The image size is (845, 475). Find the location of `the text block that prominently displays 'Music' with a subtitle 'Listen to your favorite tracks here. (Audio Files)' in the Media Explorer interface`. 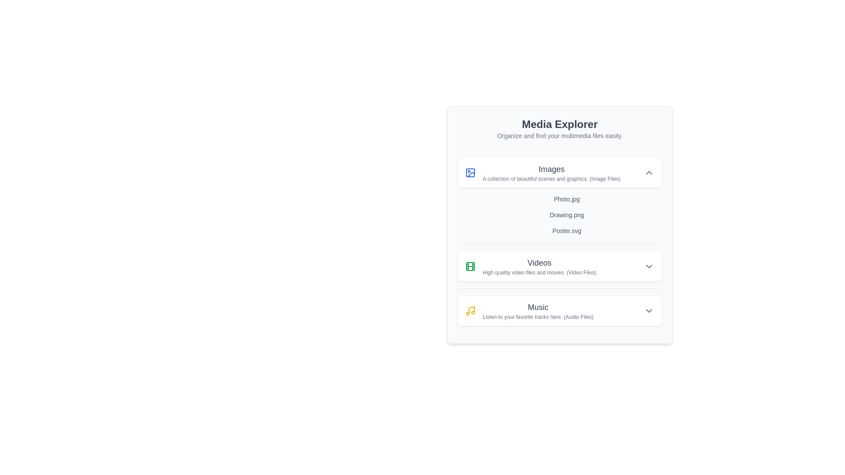

the text block that prominently displays 'Music' with a subtitle 'Listen to your favorite tracks here. (Audio Files)' in the Media Explorer interface is located at coordinates (537, 310).